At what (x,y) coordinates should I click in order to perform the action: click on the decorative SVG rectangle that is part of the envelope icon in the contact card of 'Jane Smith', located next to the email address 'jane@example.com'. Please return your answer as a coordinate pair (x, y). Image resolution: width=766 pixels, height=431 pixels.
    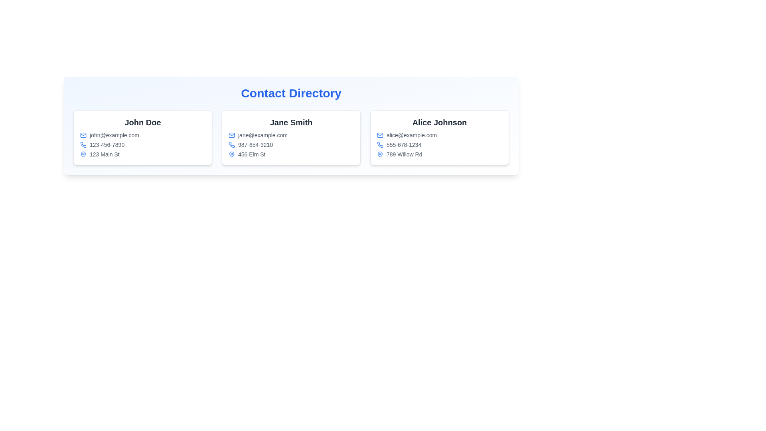
    Looking at the image, I should click on (231, 135).